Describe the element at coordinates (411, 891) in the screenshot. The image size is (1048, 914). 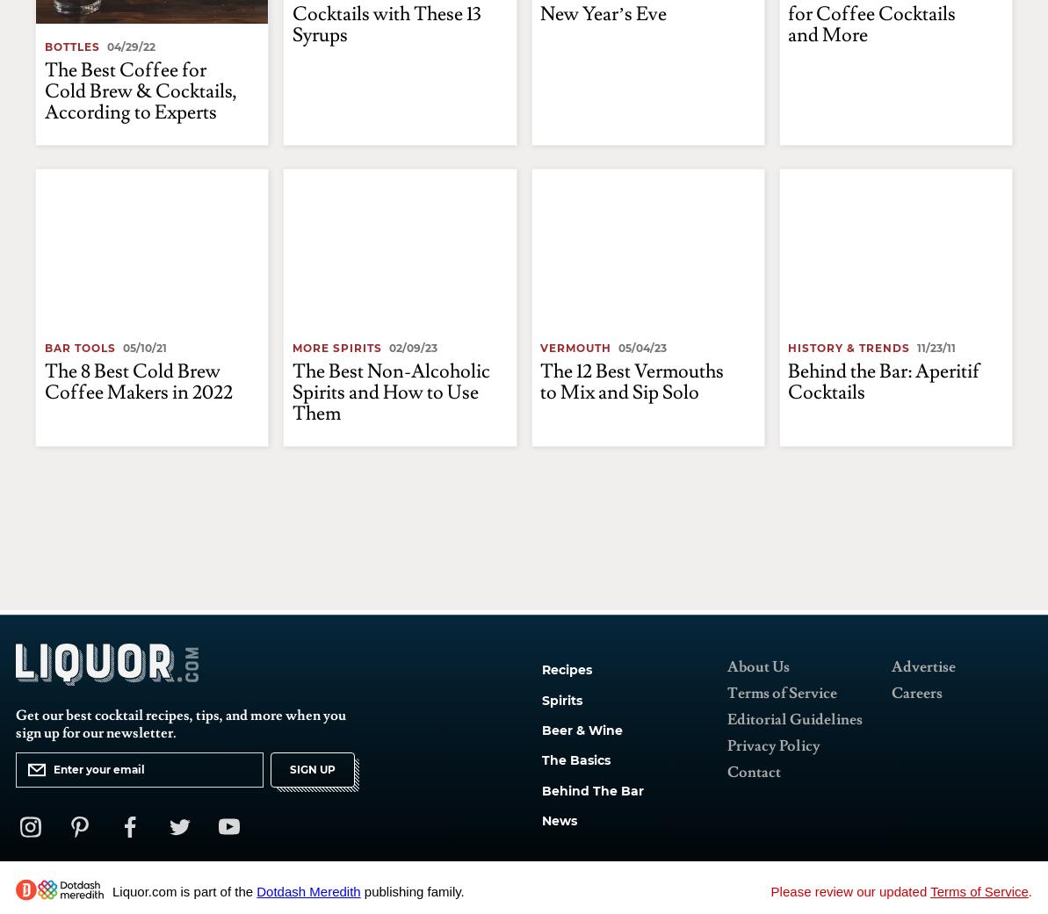
I see `'publishing family.'` at that location.